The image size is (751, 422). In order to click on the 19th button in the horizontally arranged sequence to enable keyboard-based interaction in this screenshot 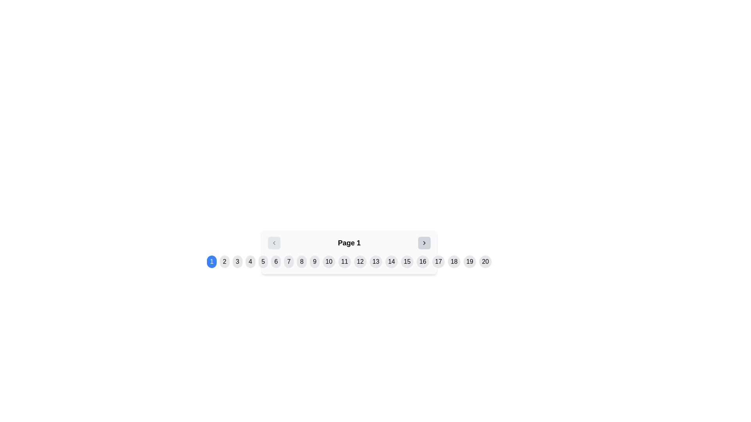, I will do `click(469, 262)`.